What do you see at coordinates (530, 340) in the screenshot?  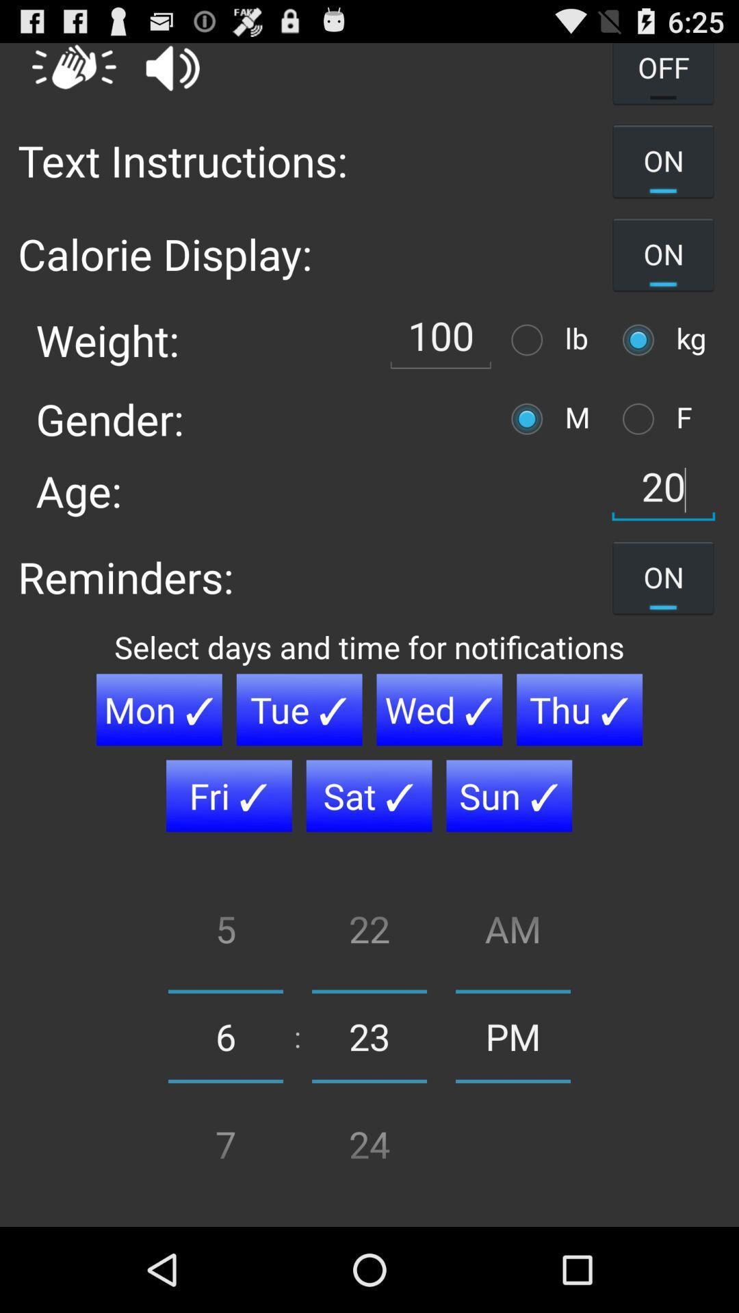 I see `set weight measurement to pounds` at bounding box center [530, 340].